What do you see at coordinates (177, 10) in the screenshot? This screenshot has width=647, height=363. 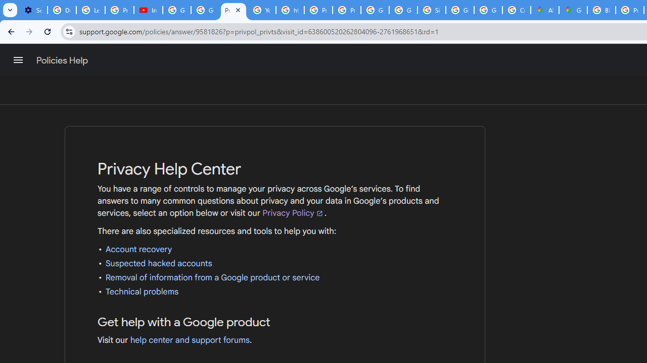 I see `'Google Account Help'` at bounding box center [177, 10].